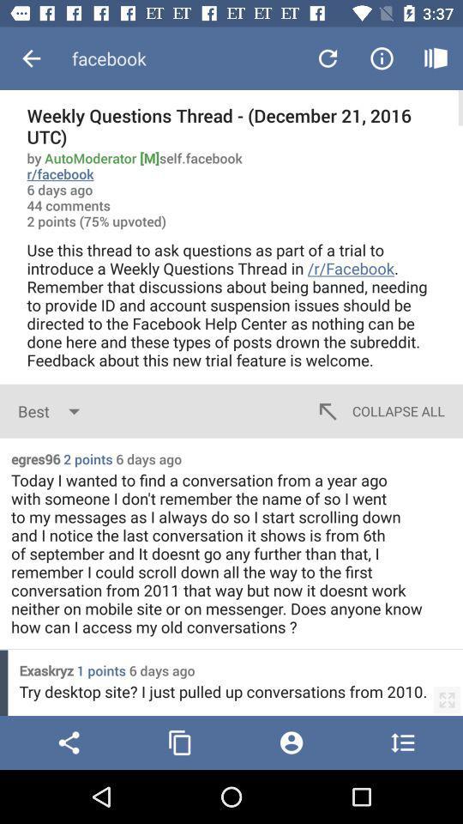  I want to click on the arrow_backward icon, so click(68, 742).